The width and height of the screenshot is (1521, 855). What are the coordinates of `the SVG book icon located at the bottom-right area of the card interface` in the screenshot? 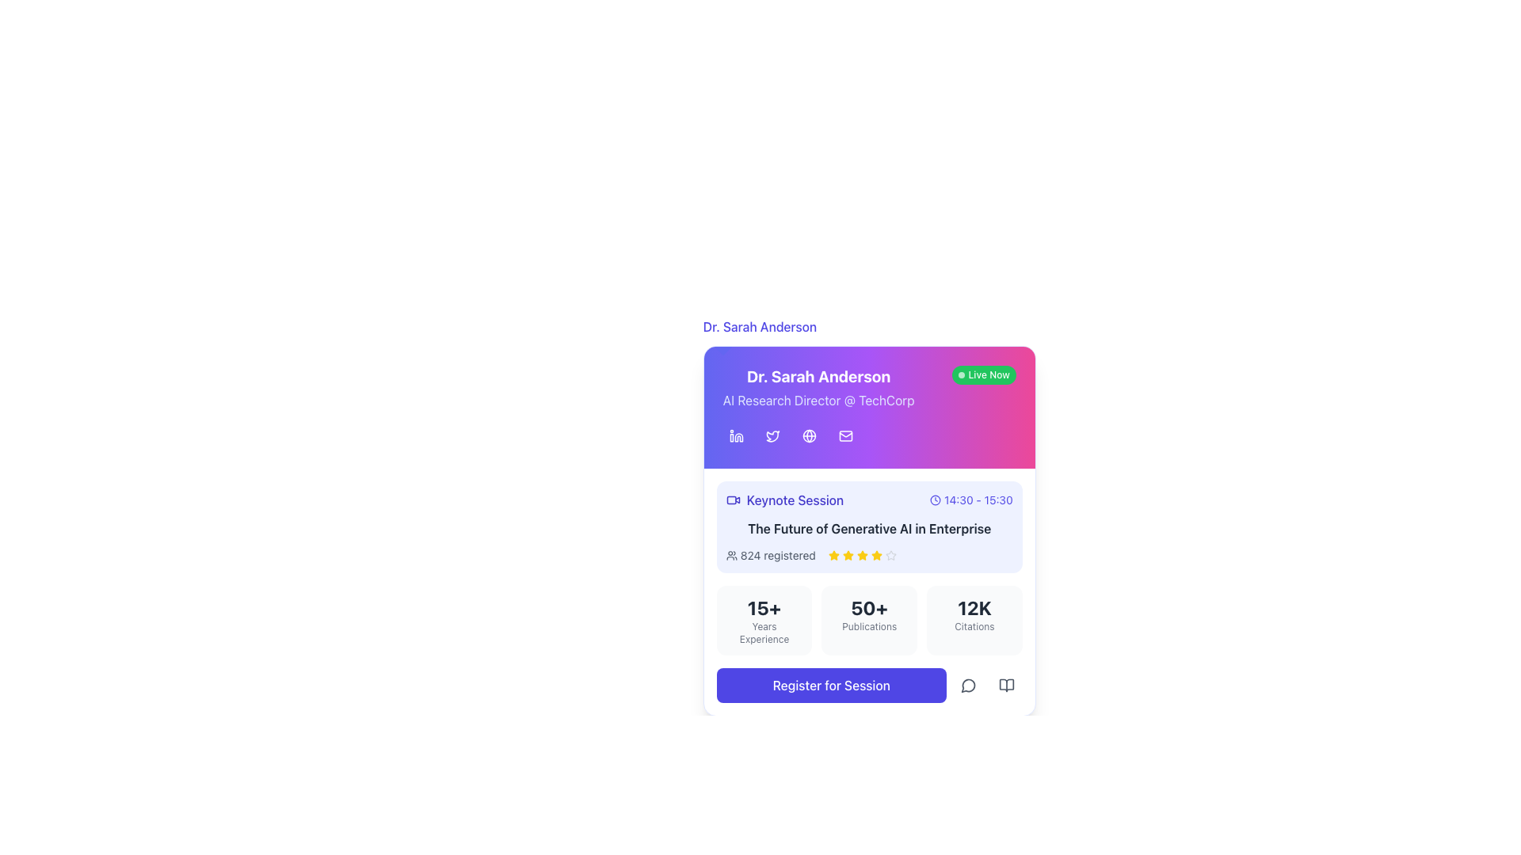 It's located at (1005, 685).